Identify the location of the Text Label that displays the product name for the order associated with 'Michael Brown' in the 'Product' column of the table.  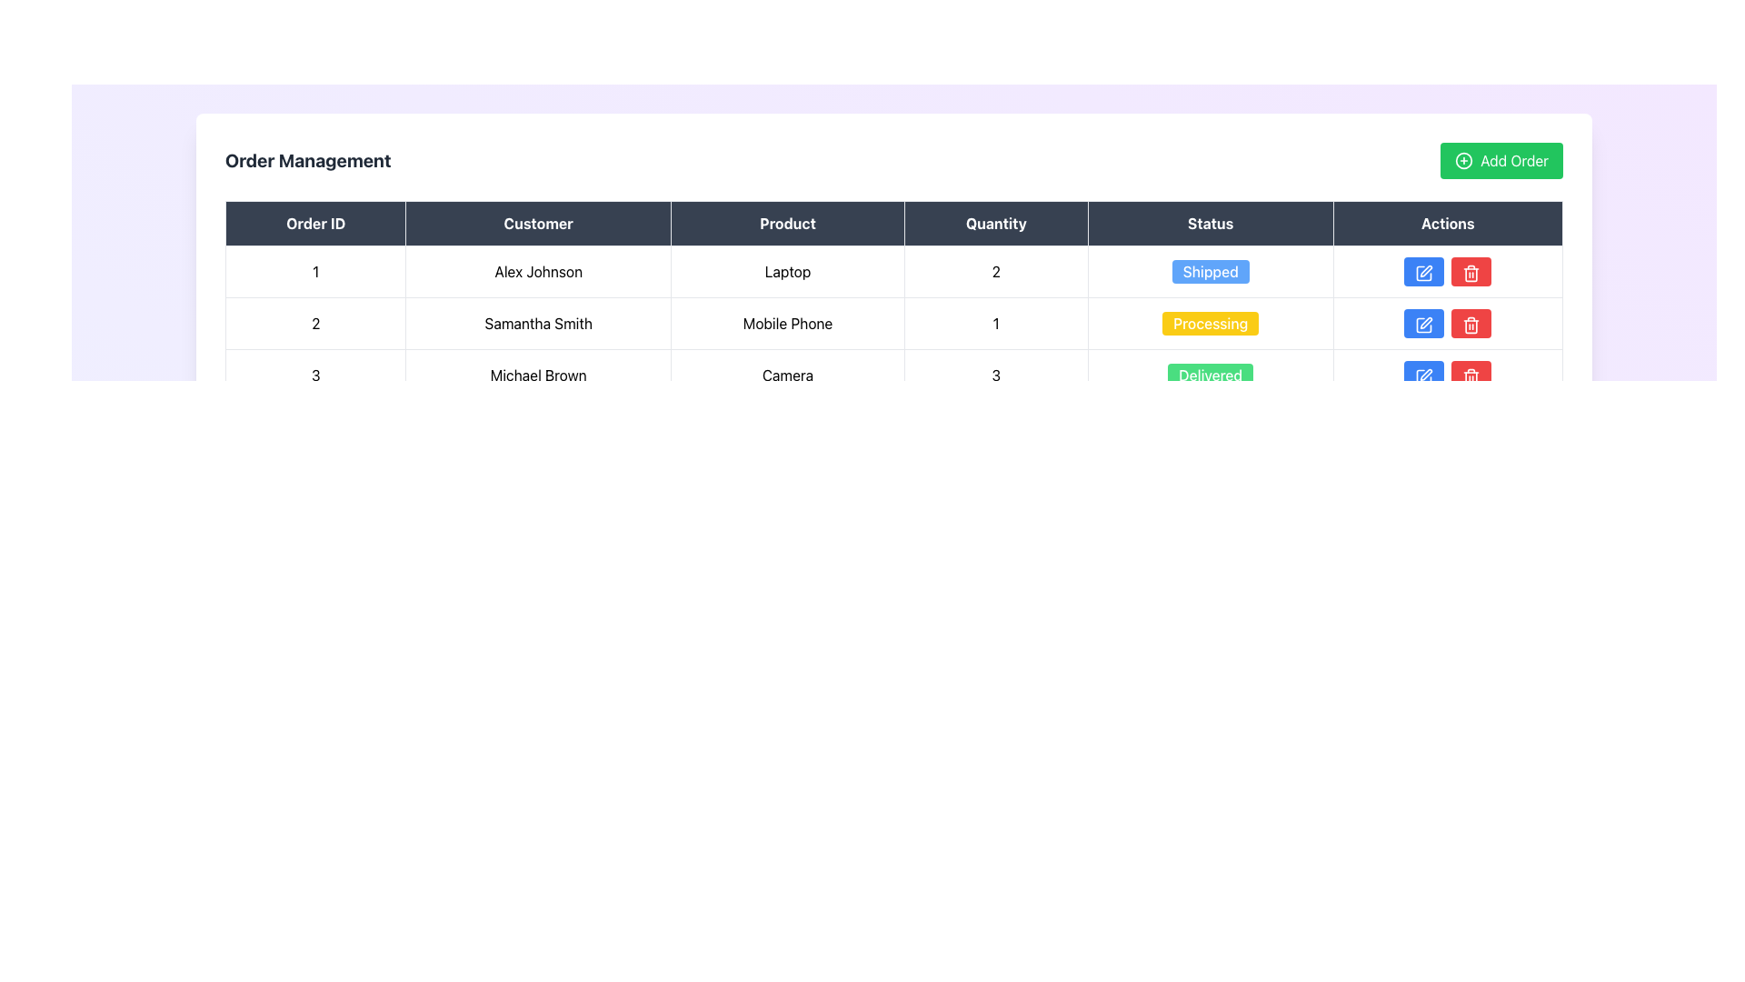
(788, 374).